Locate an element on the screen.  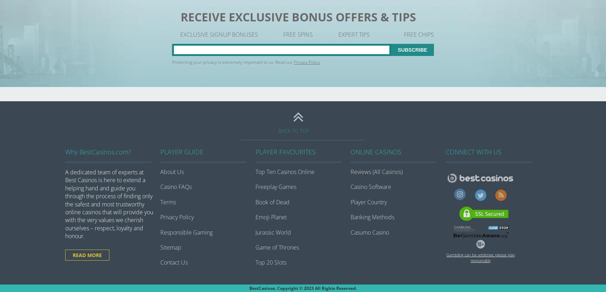
'Freeplay Games' is located at coordinates (275, 186).